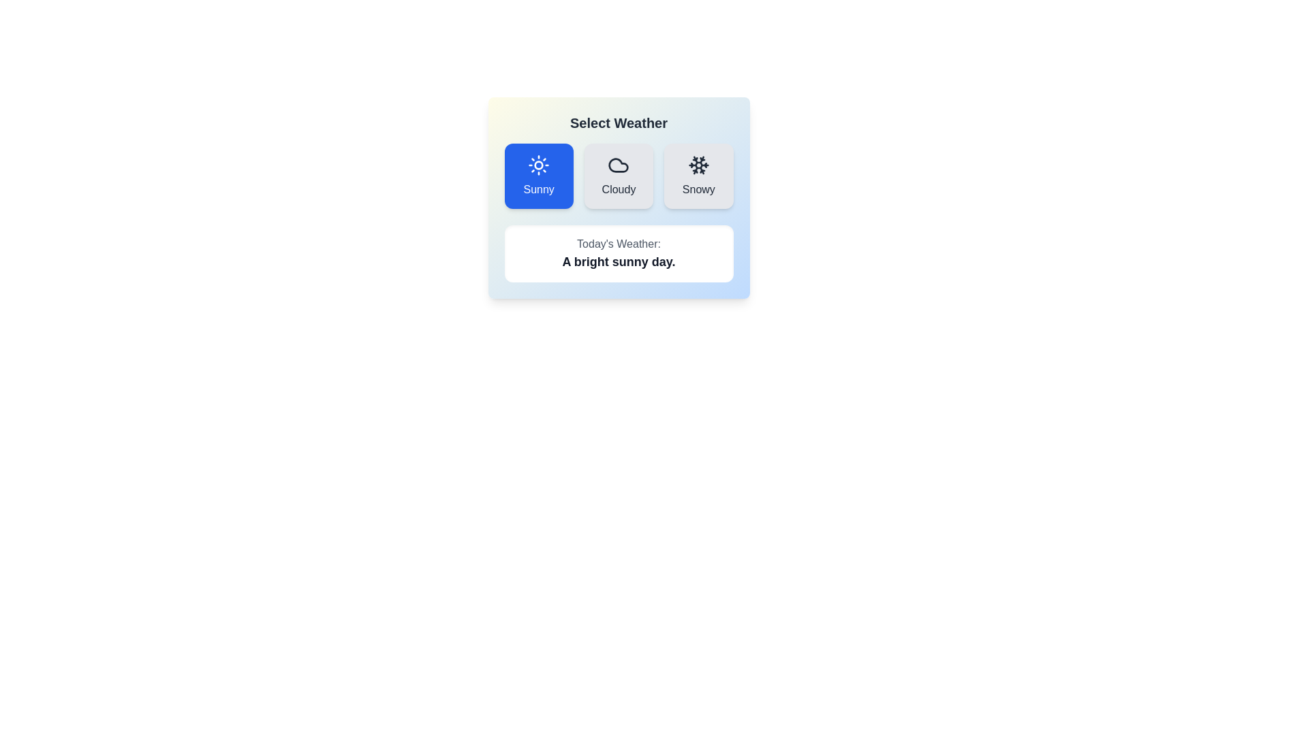 The image size is (1308, 735). I want to click on the icon and label for the weather option 'Sunny', so click(538, 175).